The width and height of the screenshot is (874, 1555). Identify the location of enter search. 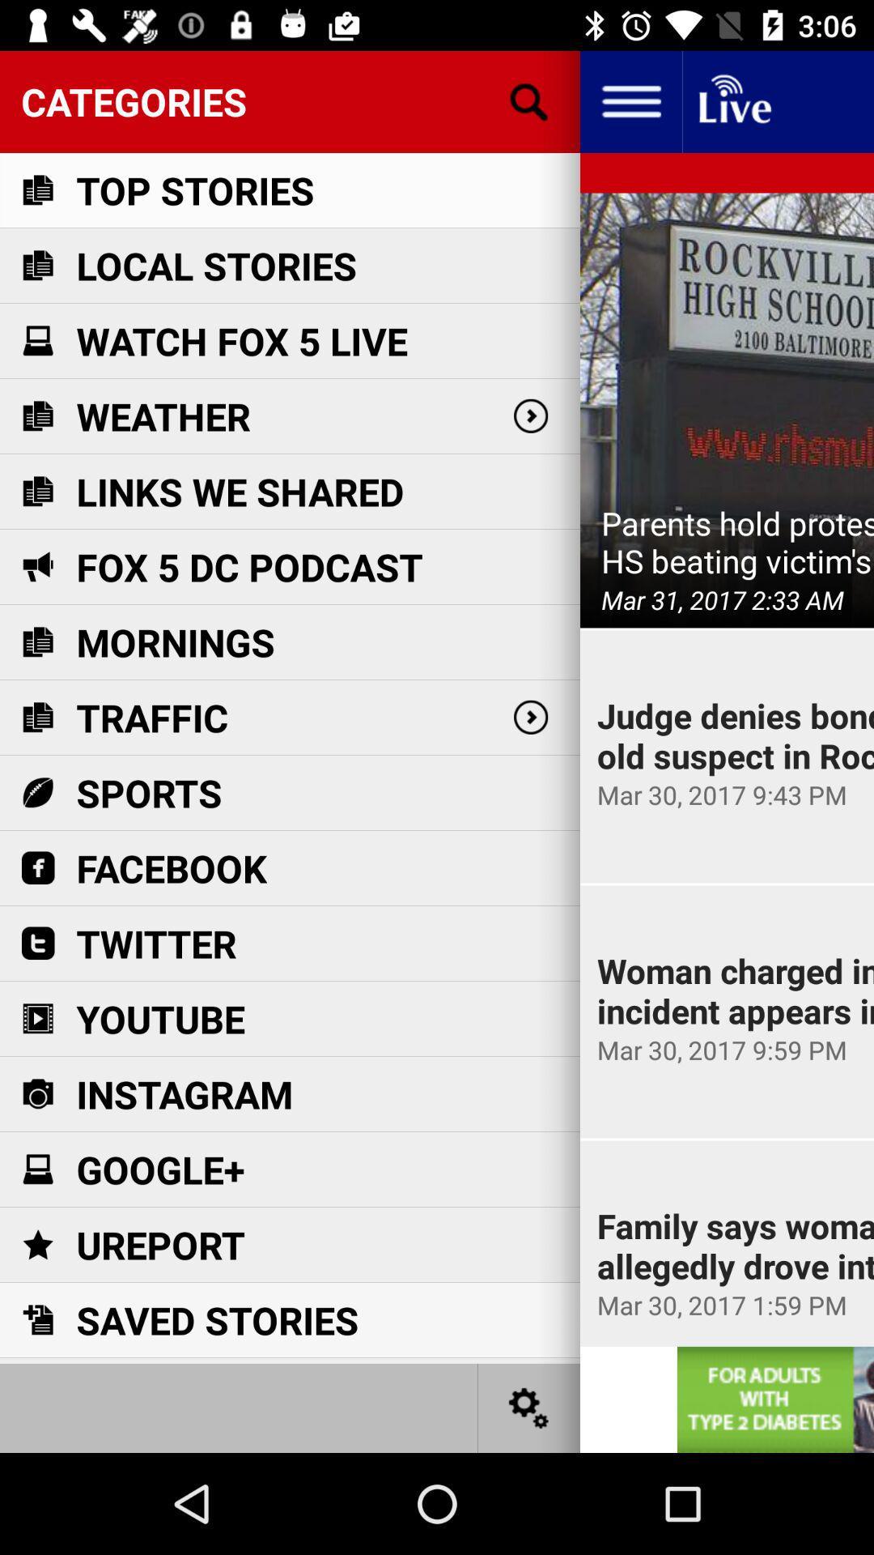
(529, 100).